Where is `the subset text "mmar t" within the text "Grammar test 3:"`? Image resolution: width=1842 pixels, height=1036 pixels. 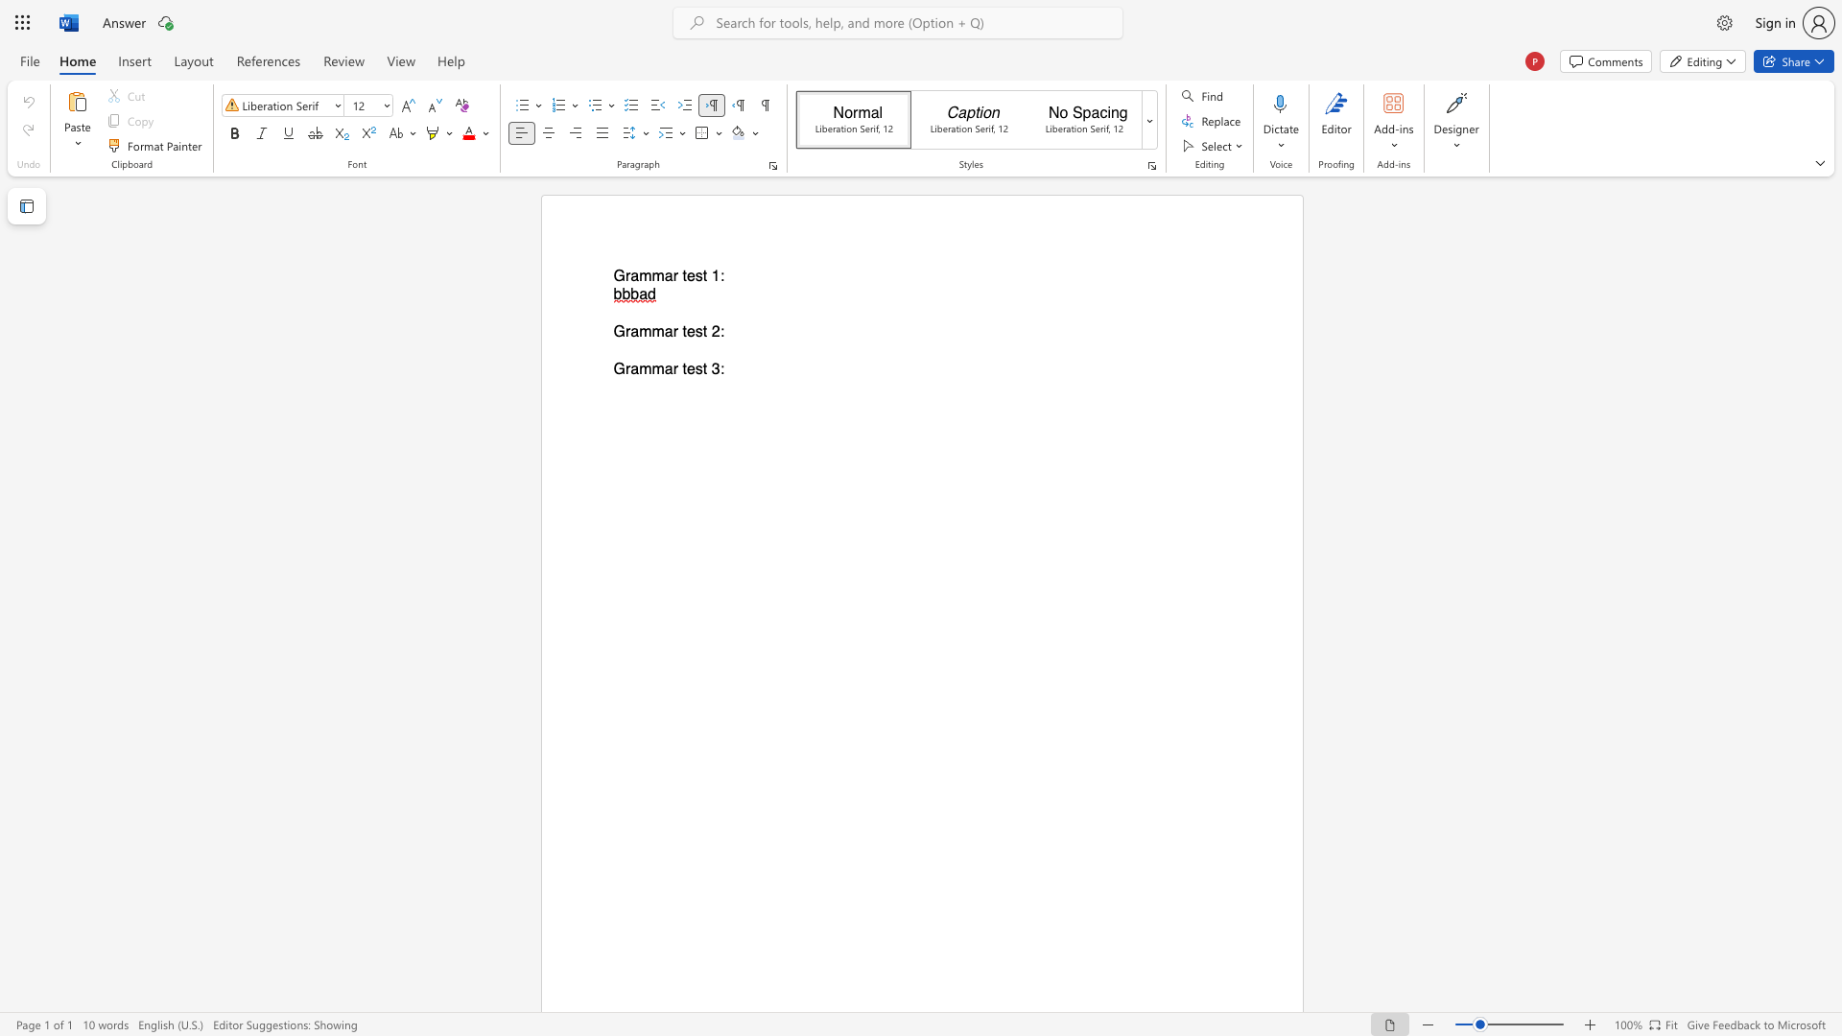
the subset text "mmar t" within the text "Grammar test 3:" is located at coordinates (639, 369).